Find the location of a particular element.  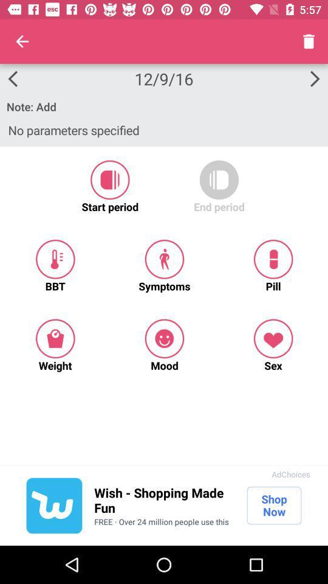

the free over 24 item is located at coordinates (162, 521).